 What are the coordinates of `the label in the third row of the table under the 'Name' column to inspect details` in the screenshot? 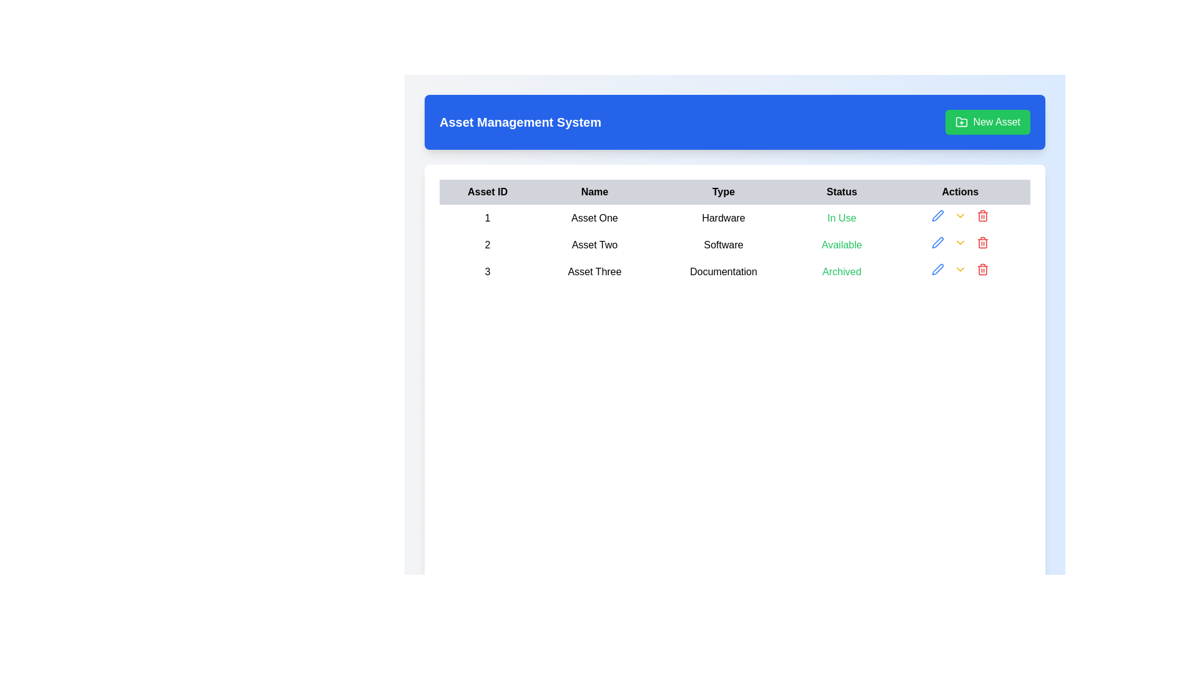 It's located at (594, 271).